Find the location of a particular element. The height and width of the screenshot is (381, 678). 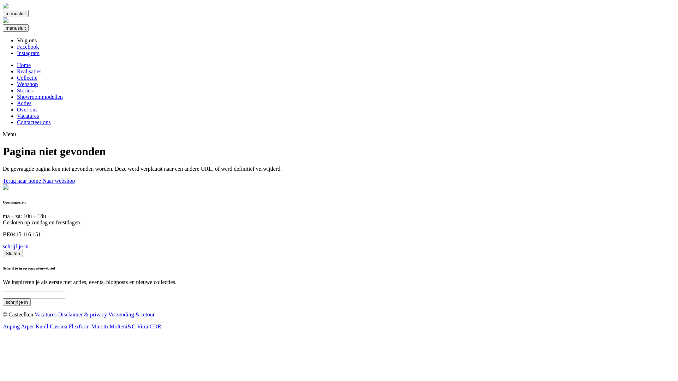

'Flexform' is located at coordinates (69, 326).